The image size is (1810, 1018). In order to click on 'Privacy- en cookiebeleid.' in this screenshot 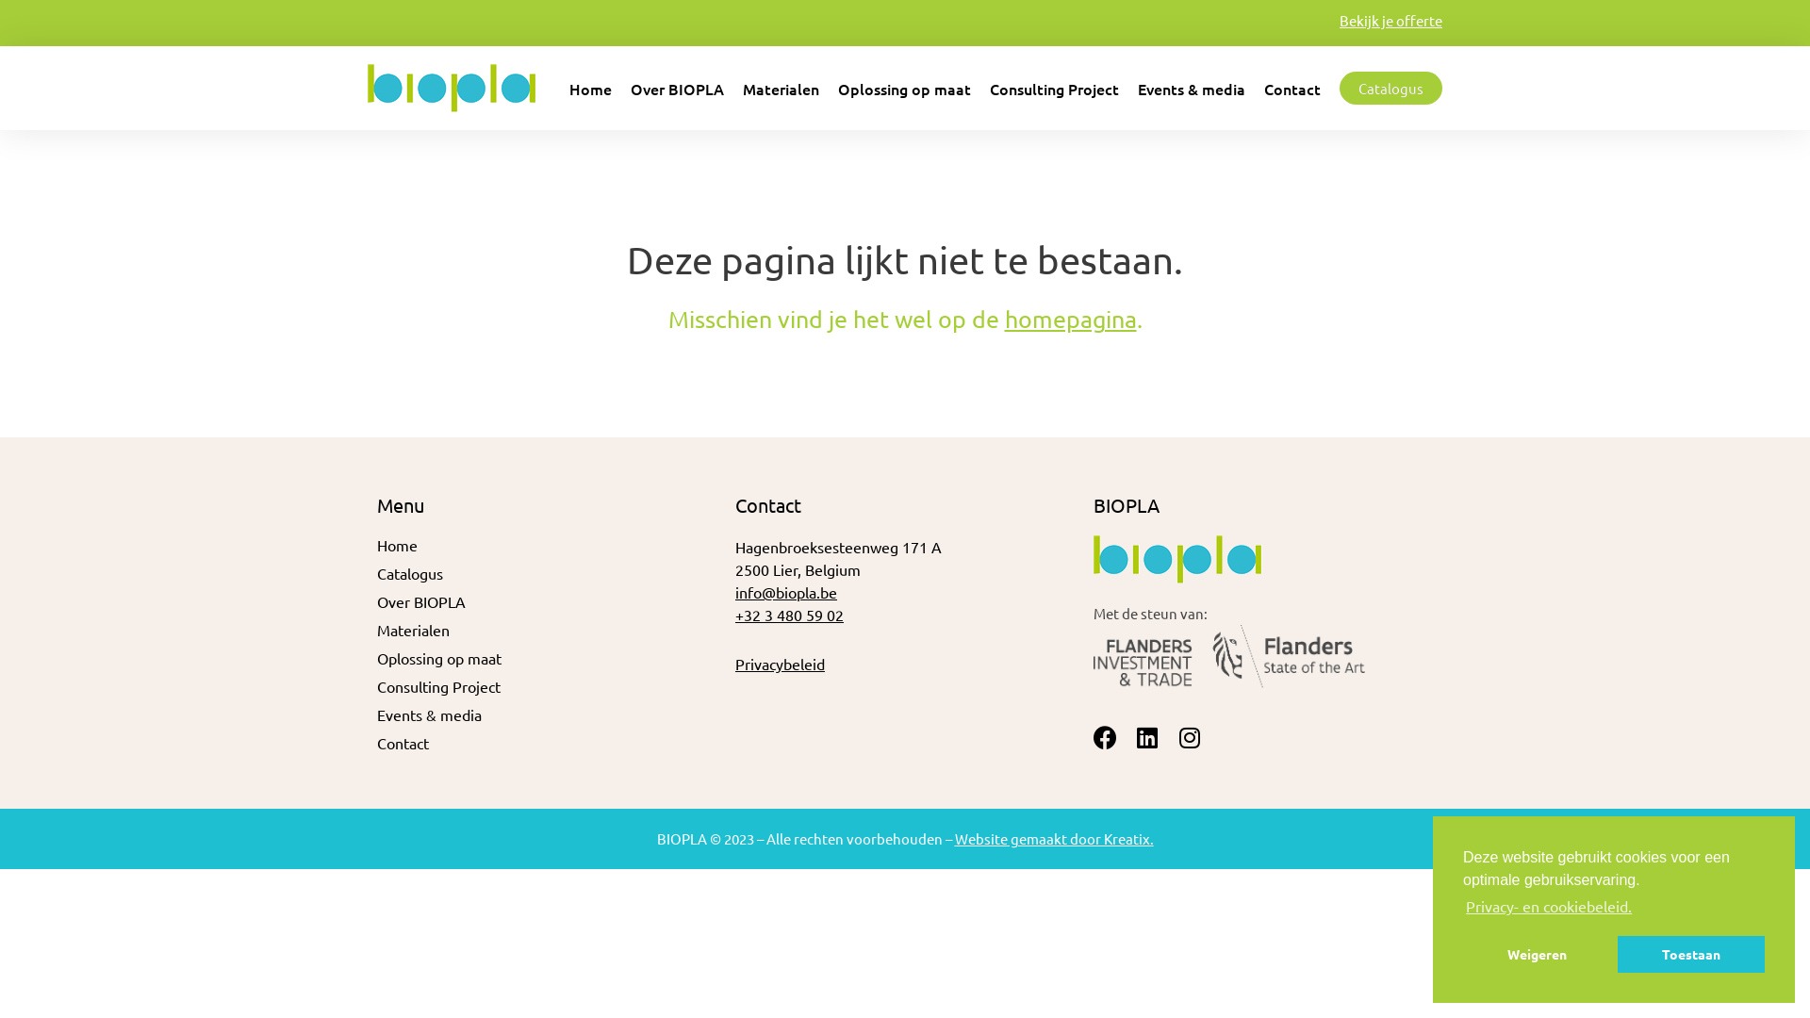, I will do `click(1548, 904)`.